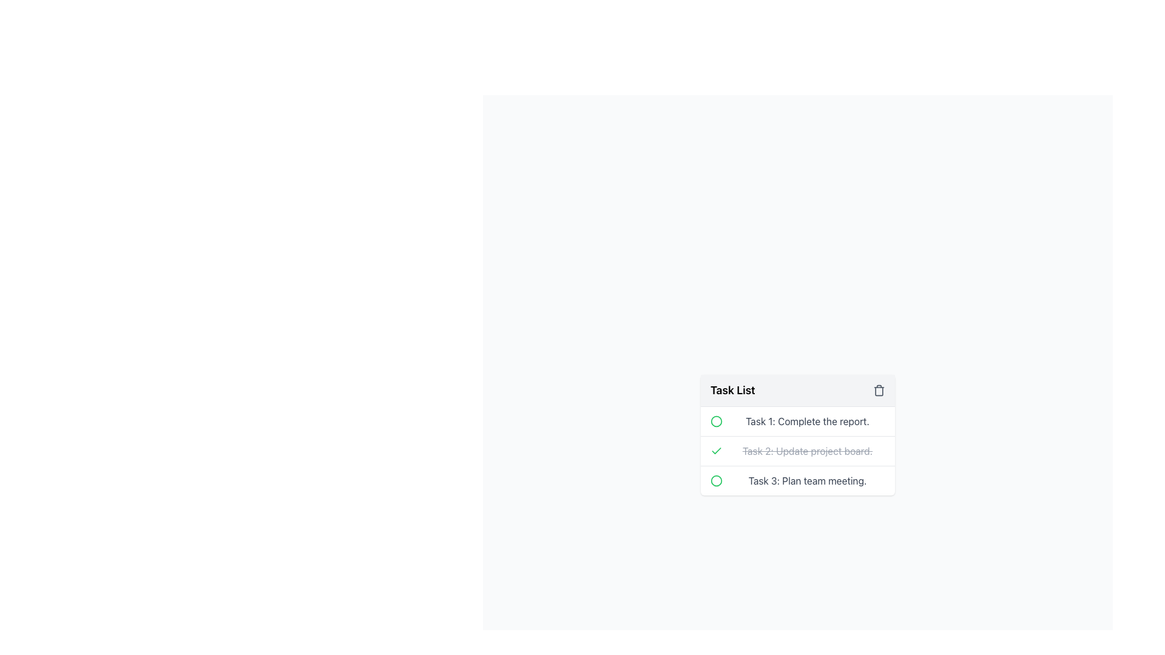 This screenshot has width=1165, height=655. Describe the element at coordinates (807, 451) in the screenshot. I see `the text label styled in gray with strikethrough that contains the content 'Task 2: Update project board.' located in the 'Task List'` at that location.